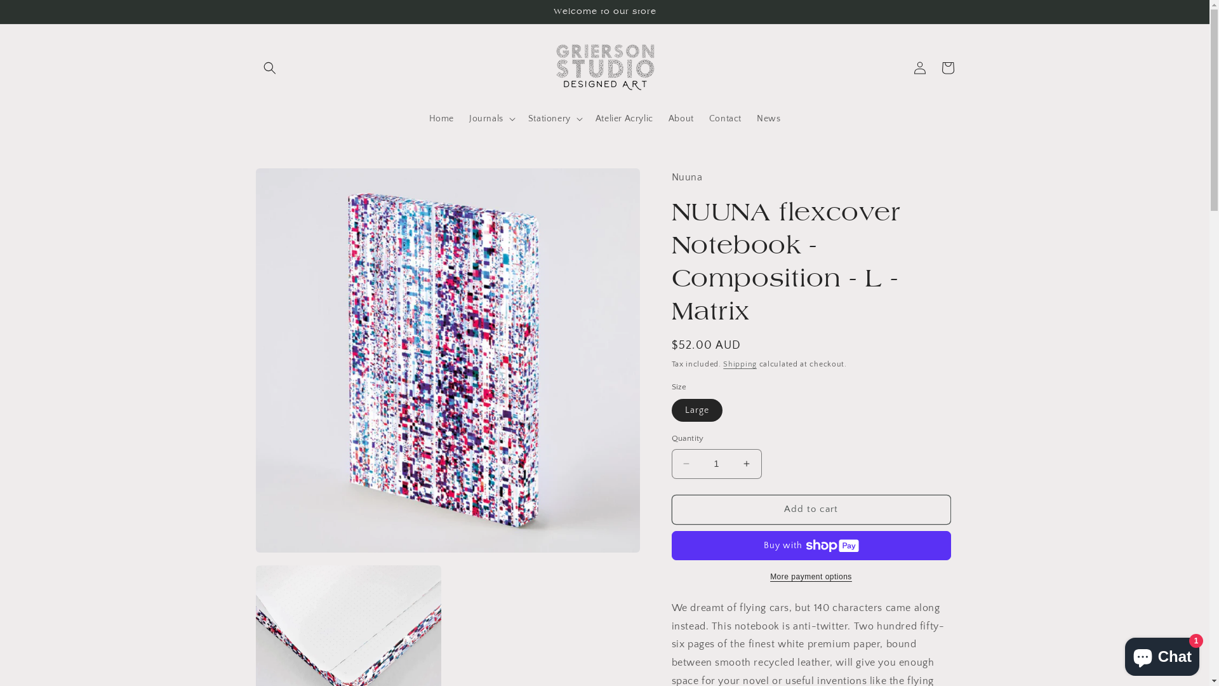  Describe the element at coordinates (1162, 654) in the screenshot. I see `'Shopify online store chat'` at that location.